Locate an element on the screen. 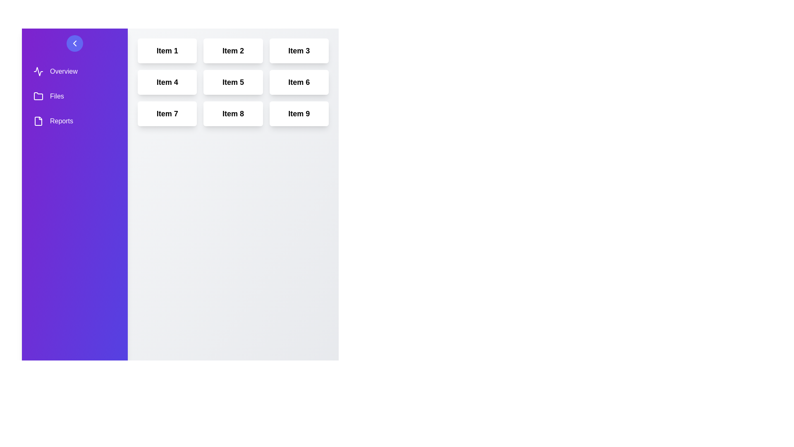 Image resolution: width=794 pixels, height=447 pixels. the sidebar menu item corresponding to Overview is located at coordinates (75, 71).